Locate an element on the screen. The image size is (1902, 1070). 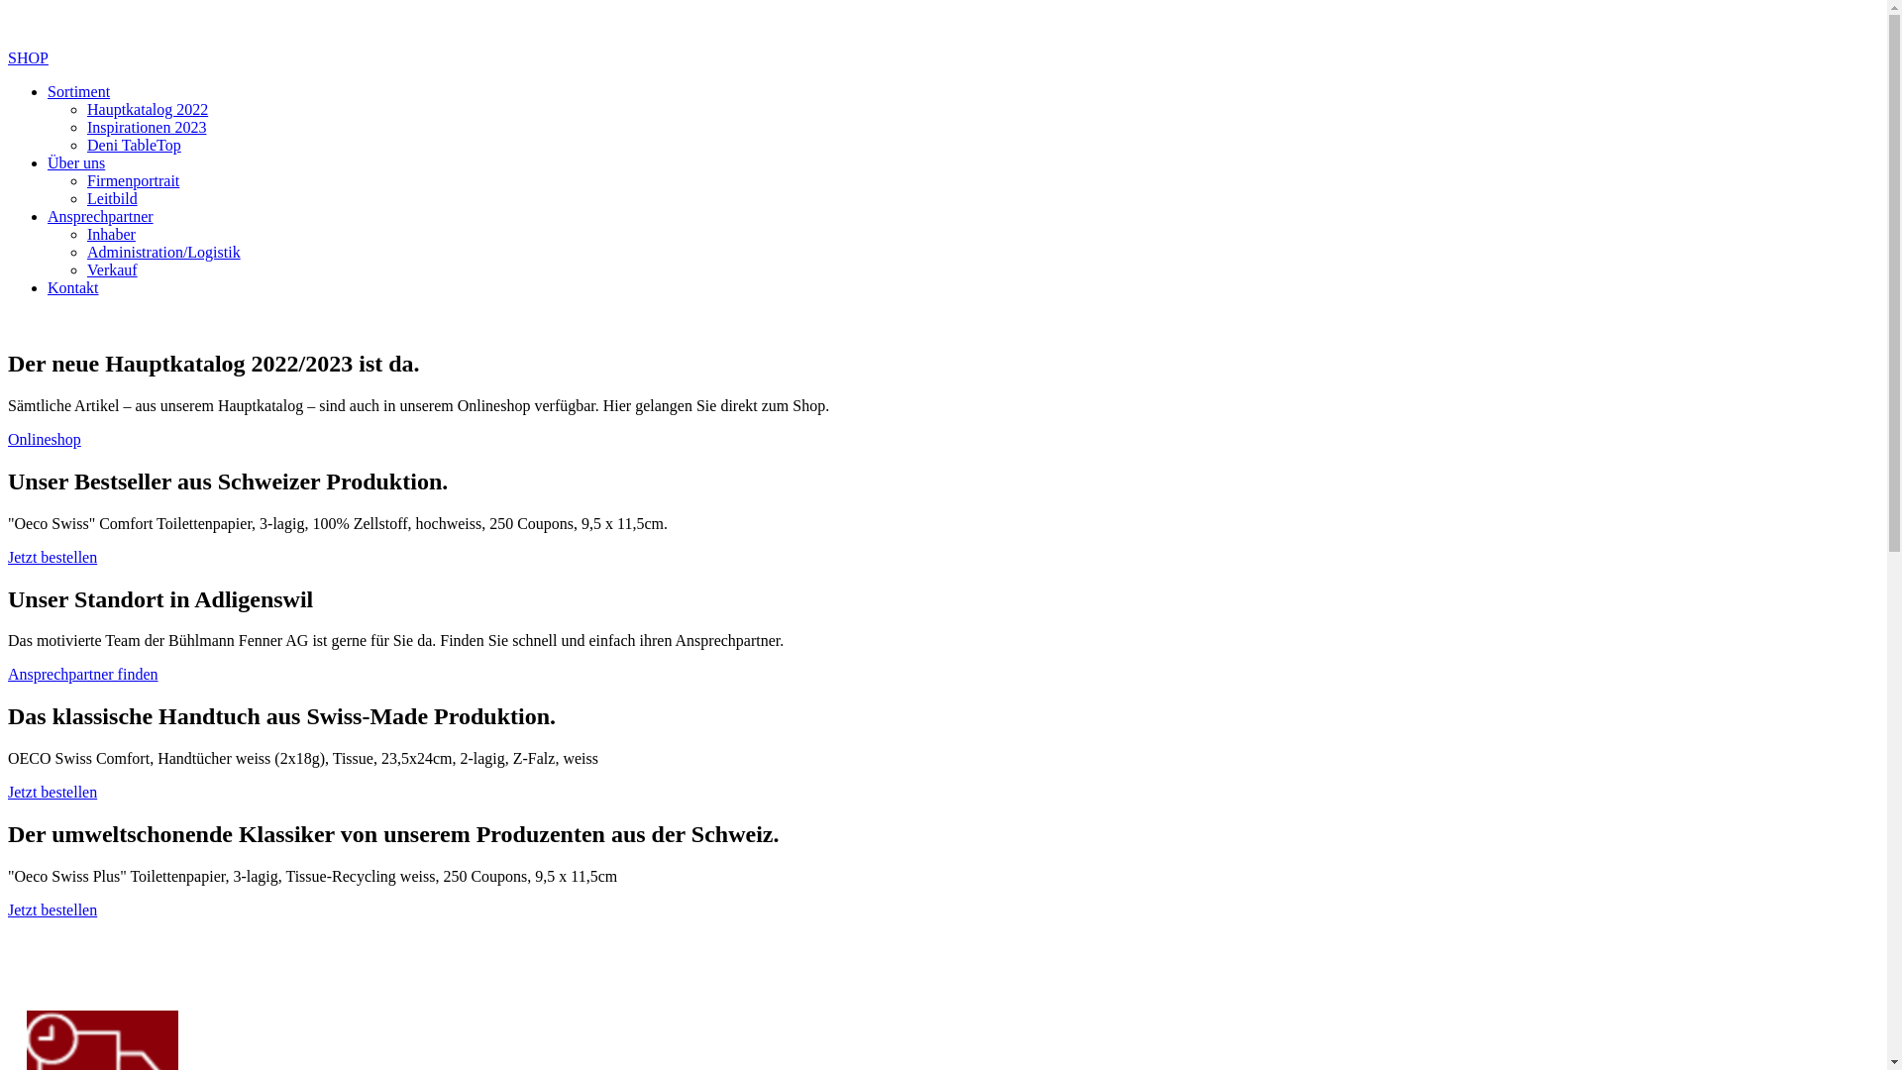
'Inspirationen 2023' is located at coordinates (146, 127).